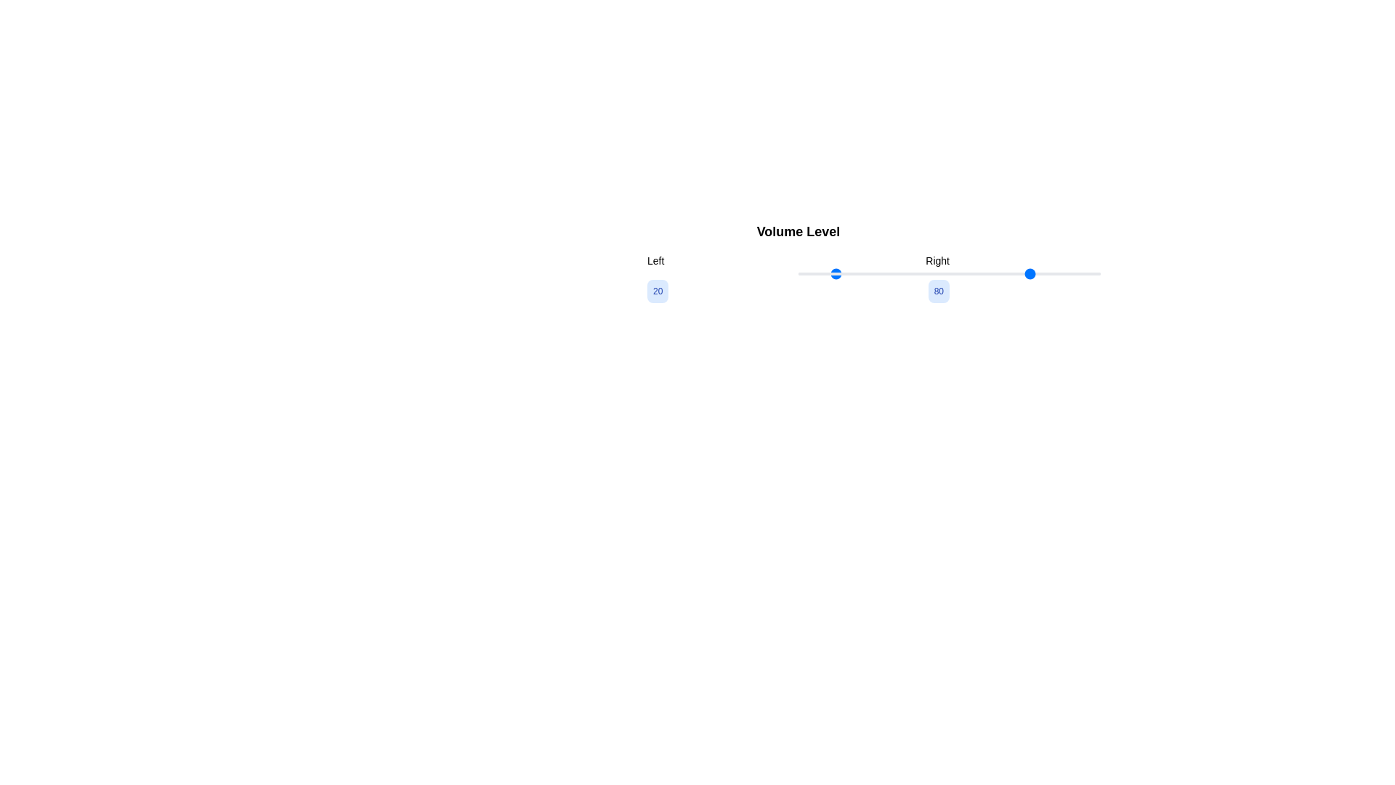 Image resolution: width=1395 pixels, height=785 pixels. What do you see at coordinates (842, 274) in the screenshot?
I see `the slider value` at bounding box center [842, 274].